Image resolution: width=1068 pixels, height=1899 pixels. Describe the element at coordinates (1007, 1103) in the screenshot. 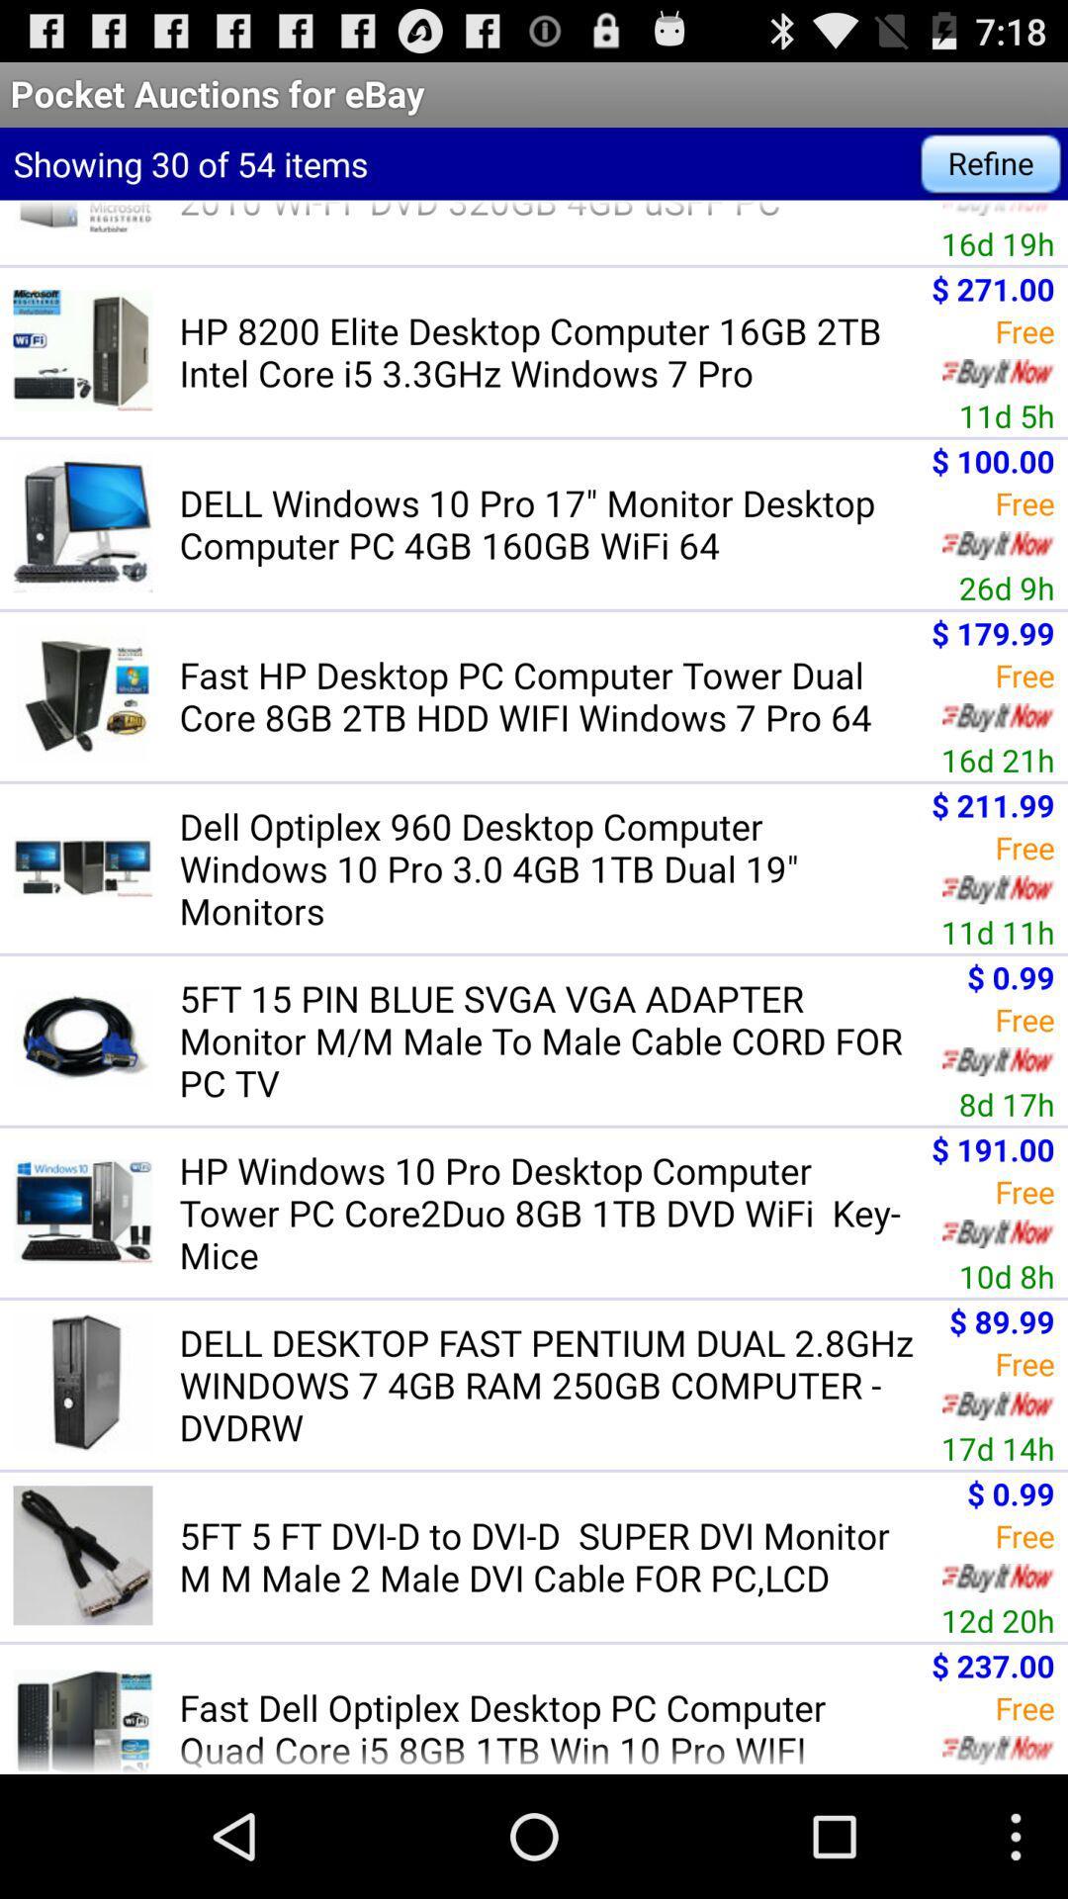

I see `8d 17h item` at that location.